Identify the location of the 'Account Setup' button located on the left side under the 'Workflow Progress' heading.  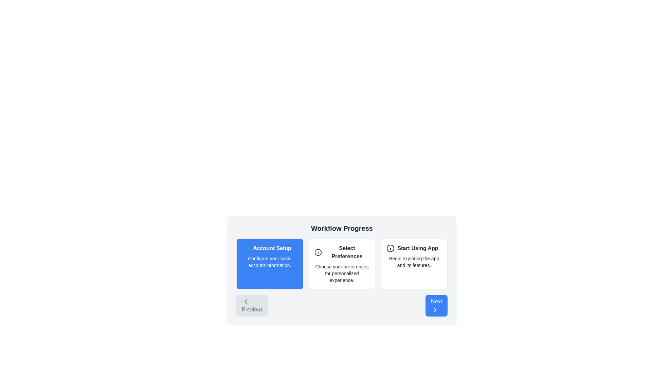
(269, 264).